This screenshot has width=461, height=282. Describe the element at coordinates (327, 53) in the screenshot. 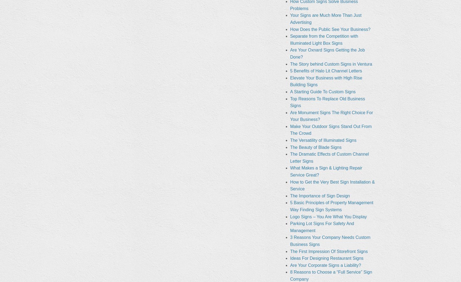

I see `'Are Your Oxnard Signs Getting the Job Done?'` at that location.